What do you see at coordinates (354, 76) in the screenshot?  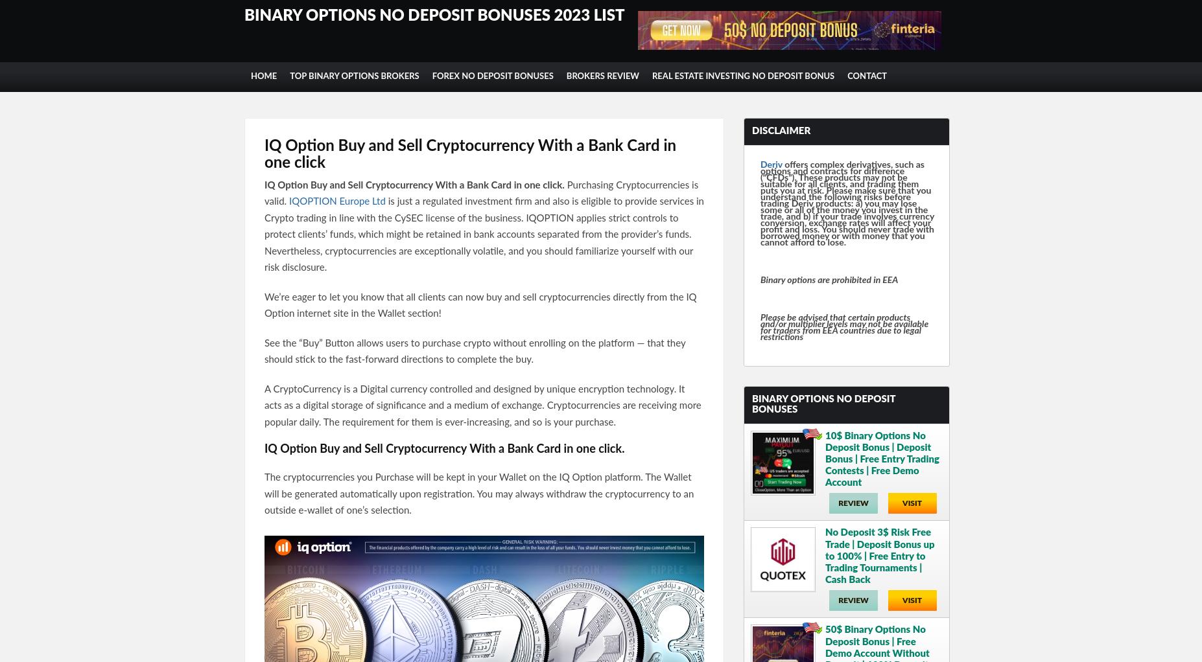 I see `'Top Binary Options Brokers'` at bounding box center [354, 76].